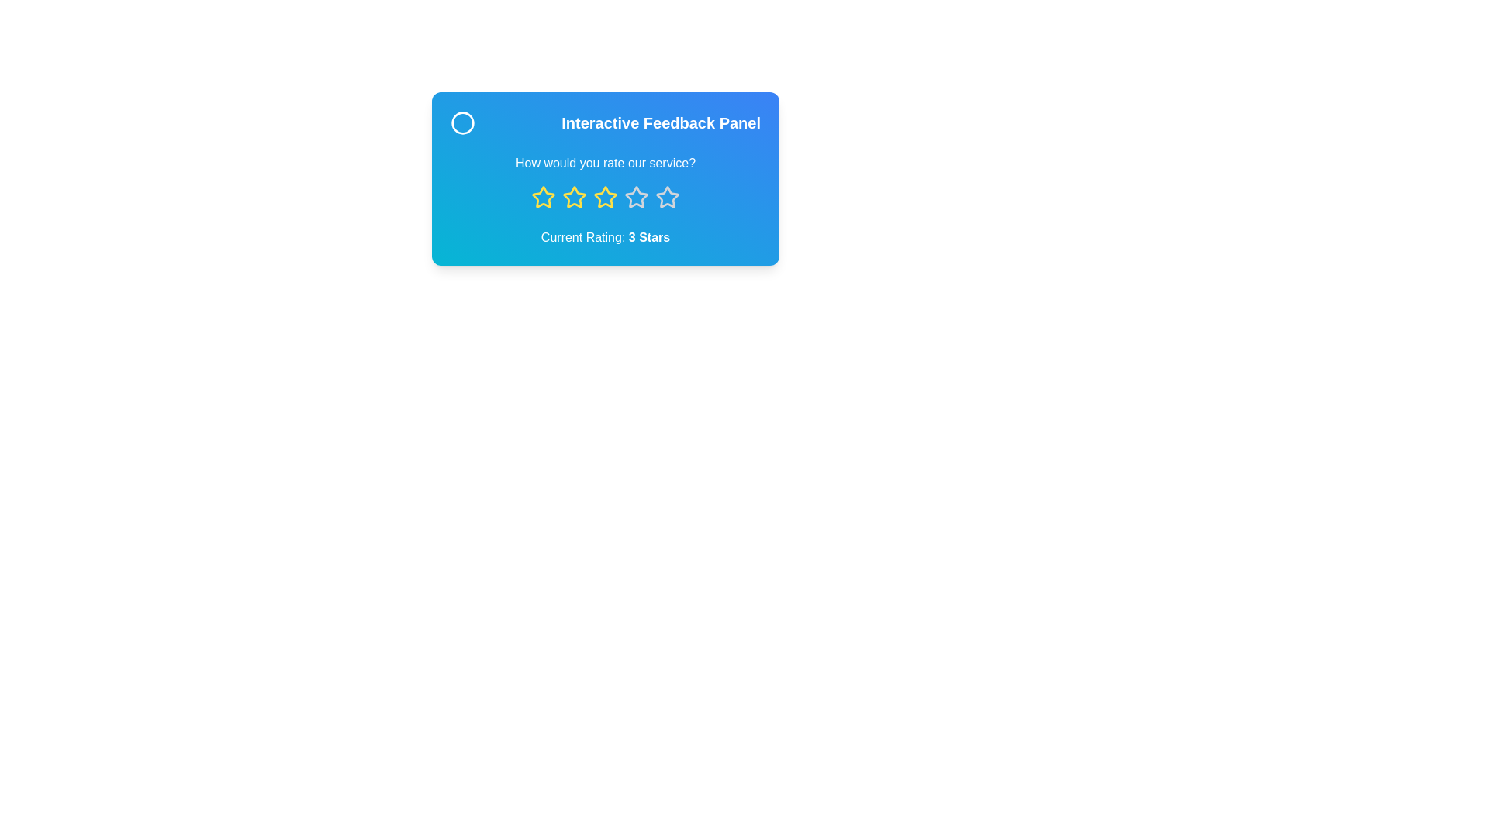 This screenshot has width=1489, height=837. I want to click on the third star icon in the horizontal row, which is a yellow-bordered star with a transparent center, so click(605, 196).